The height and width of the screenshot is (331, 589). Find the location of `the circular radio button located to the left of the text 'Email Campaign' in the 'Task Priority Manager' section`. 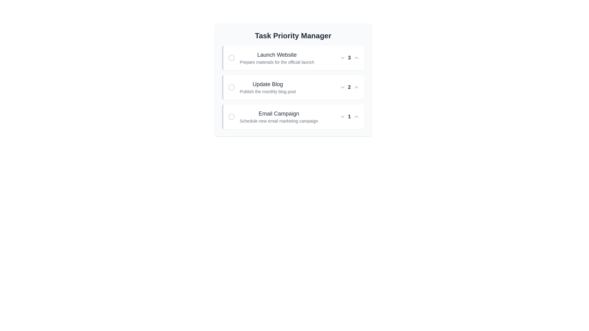

the circular radio button located to the left of the text 'Email Campaign' in the 'Task Priority Manager' section is located at coordinates (231, 117).